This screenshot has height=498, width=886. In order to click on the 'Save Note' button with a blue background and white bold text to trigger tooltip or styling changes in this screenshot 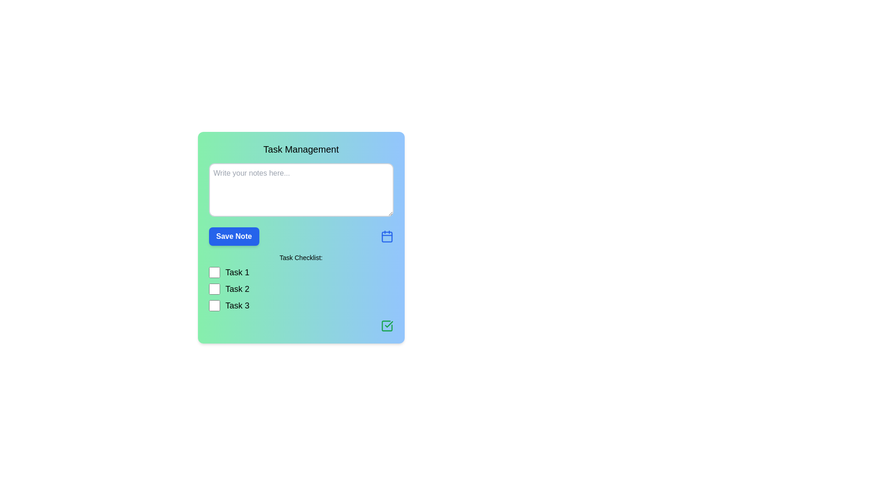, I will do `click(234, 236)`.